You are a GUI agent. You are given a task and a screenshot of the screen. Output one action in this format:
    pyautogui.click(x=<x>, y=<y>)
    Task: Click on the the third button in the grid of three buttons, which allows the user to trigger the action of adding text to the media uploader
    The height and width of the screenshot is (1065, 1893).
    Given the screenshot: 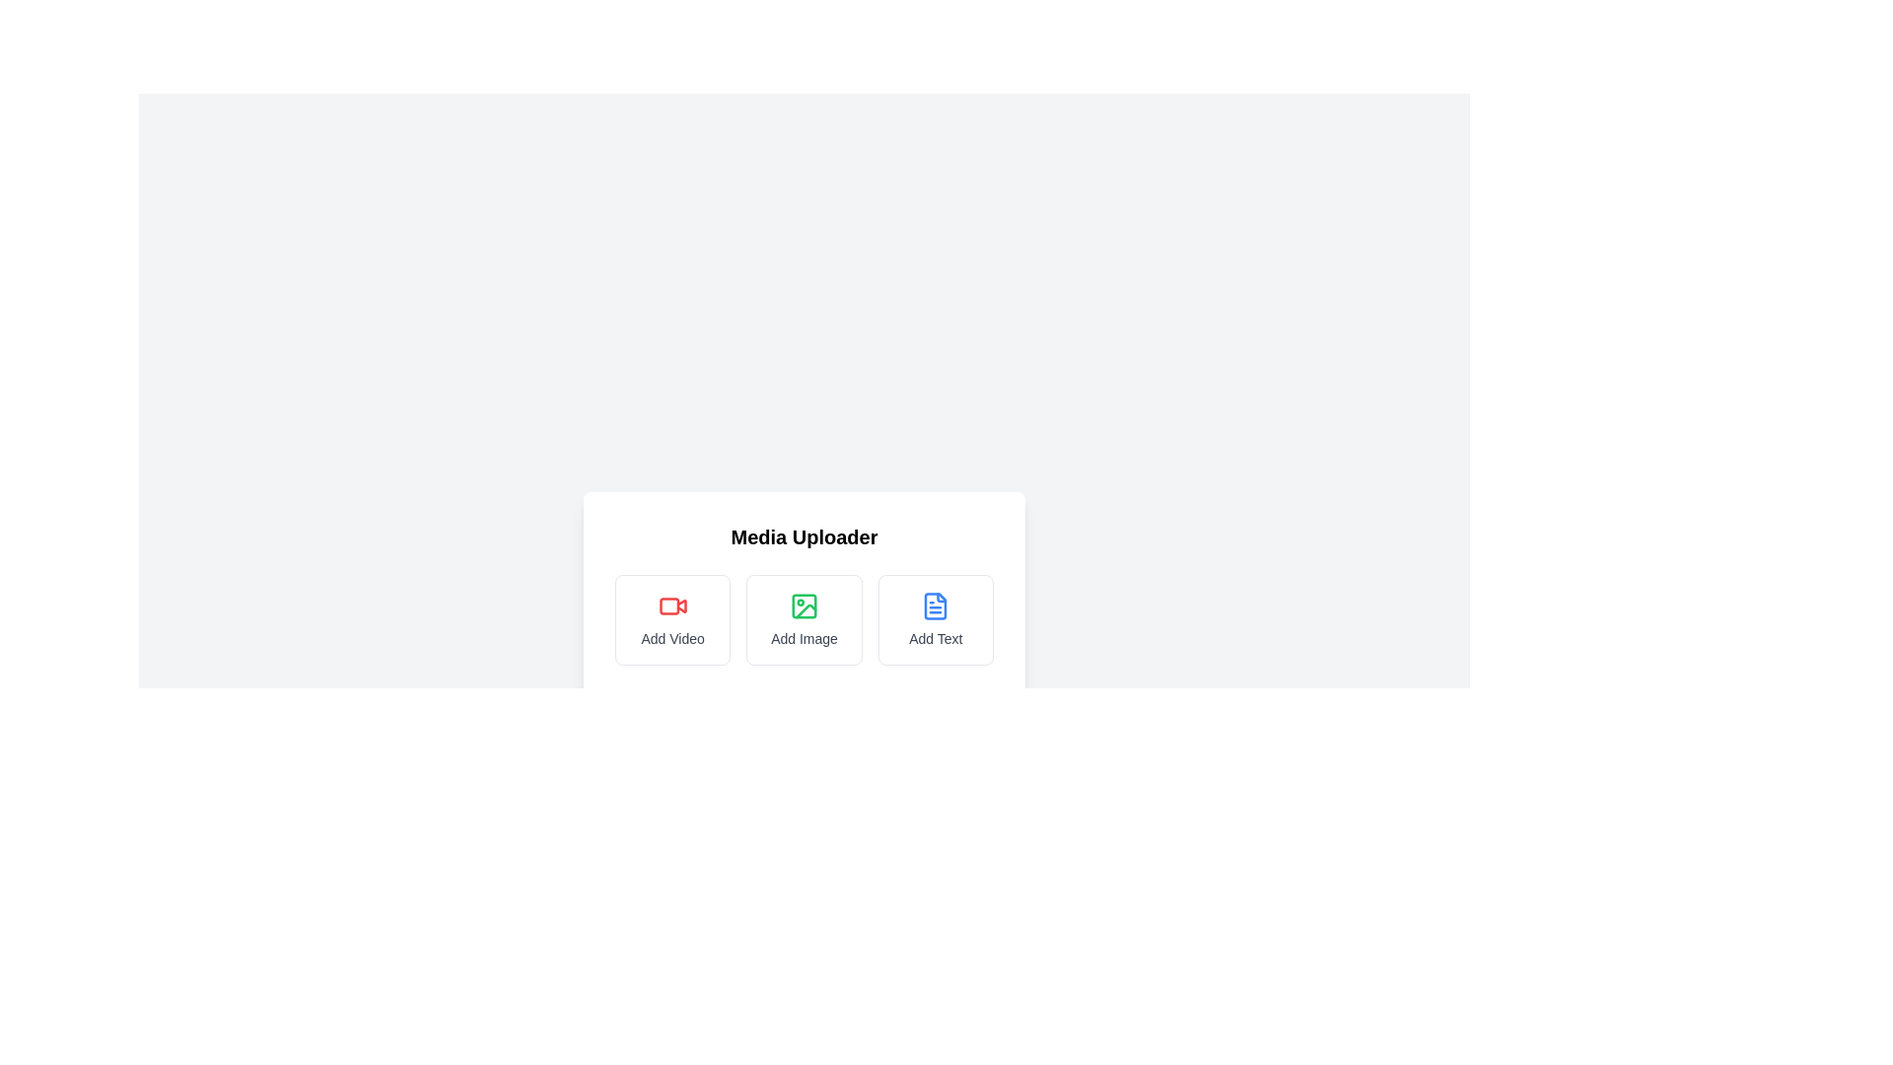 What is the action you would take?
    pyautogui.click(x=935, y=618)
    